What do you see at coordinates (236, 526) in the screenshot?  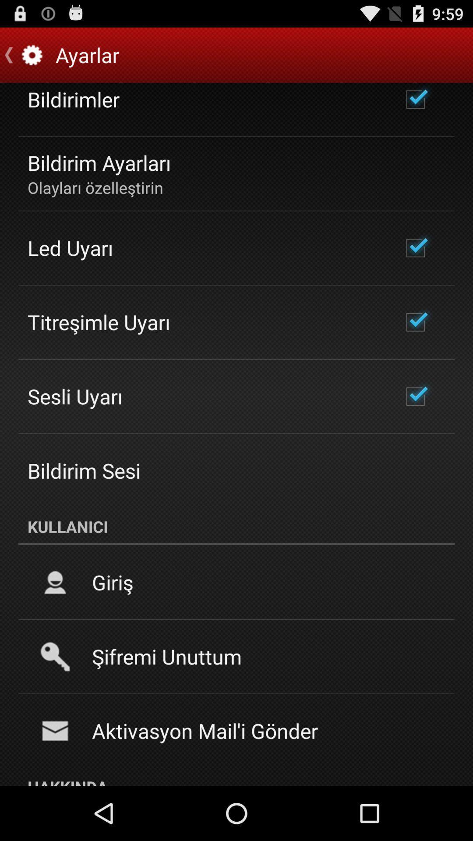 I see `the kullanici item` at bounding box center [236, 526].